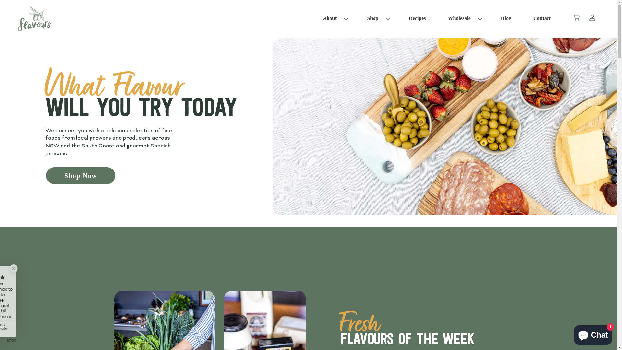  What do you see at coordinates (330, 18) in the screenshot?
I see `'About'` at bounding box center [330, 18].